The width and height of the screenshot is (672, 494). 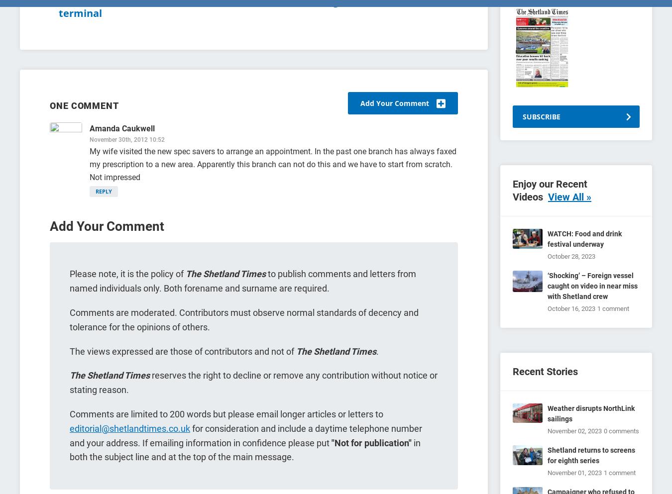 I want to click on 'Comments are moderated. Contributors must observe normal standards of decency and tolerance for the opinions of others.', so click(x=243, y=318).